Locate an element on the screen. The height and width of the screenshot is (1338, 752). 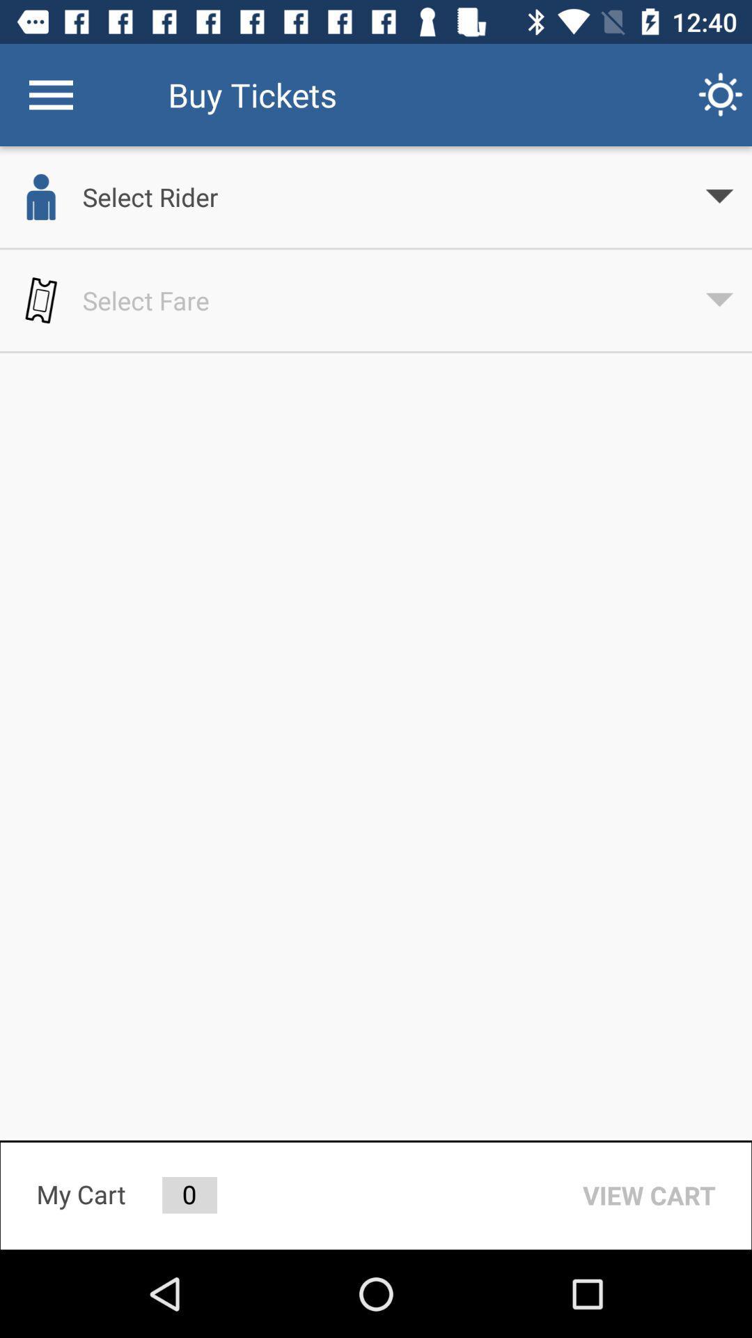
the view cart icon is located at coordinates (649, 1194).